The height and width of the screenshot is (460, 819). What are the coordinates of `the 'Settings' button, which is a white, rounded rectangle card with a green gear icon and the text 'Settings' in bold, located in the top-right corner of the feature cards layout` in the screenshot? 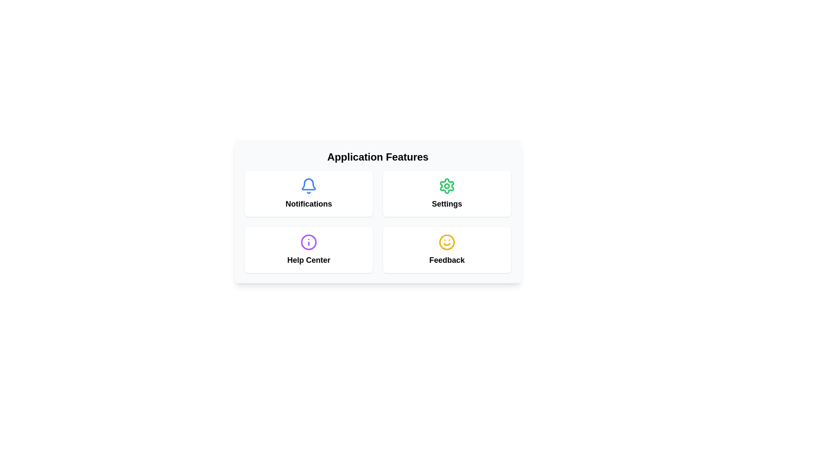 It's located at (446, 194).